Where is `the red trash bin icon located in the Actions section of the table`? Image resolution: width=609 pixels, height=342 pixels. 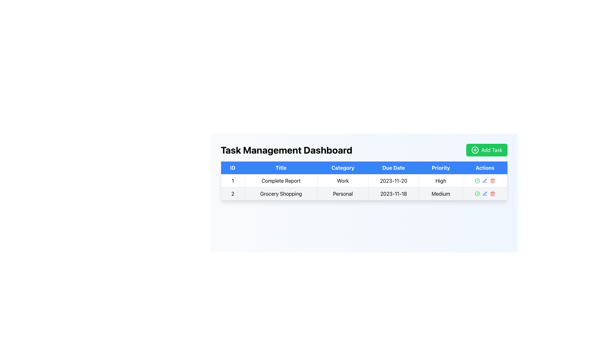
the red trash bin icon located in the Actions section of the table is located at coordinates (492, 193).